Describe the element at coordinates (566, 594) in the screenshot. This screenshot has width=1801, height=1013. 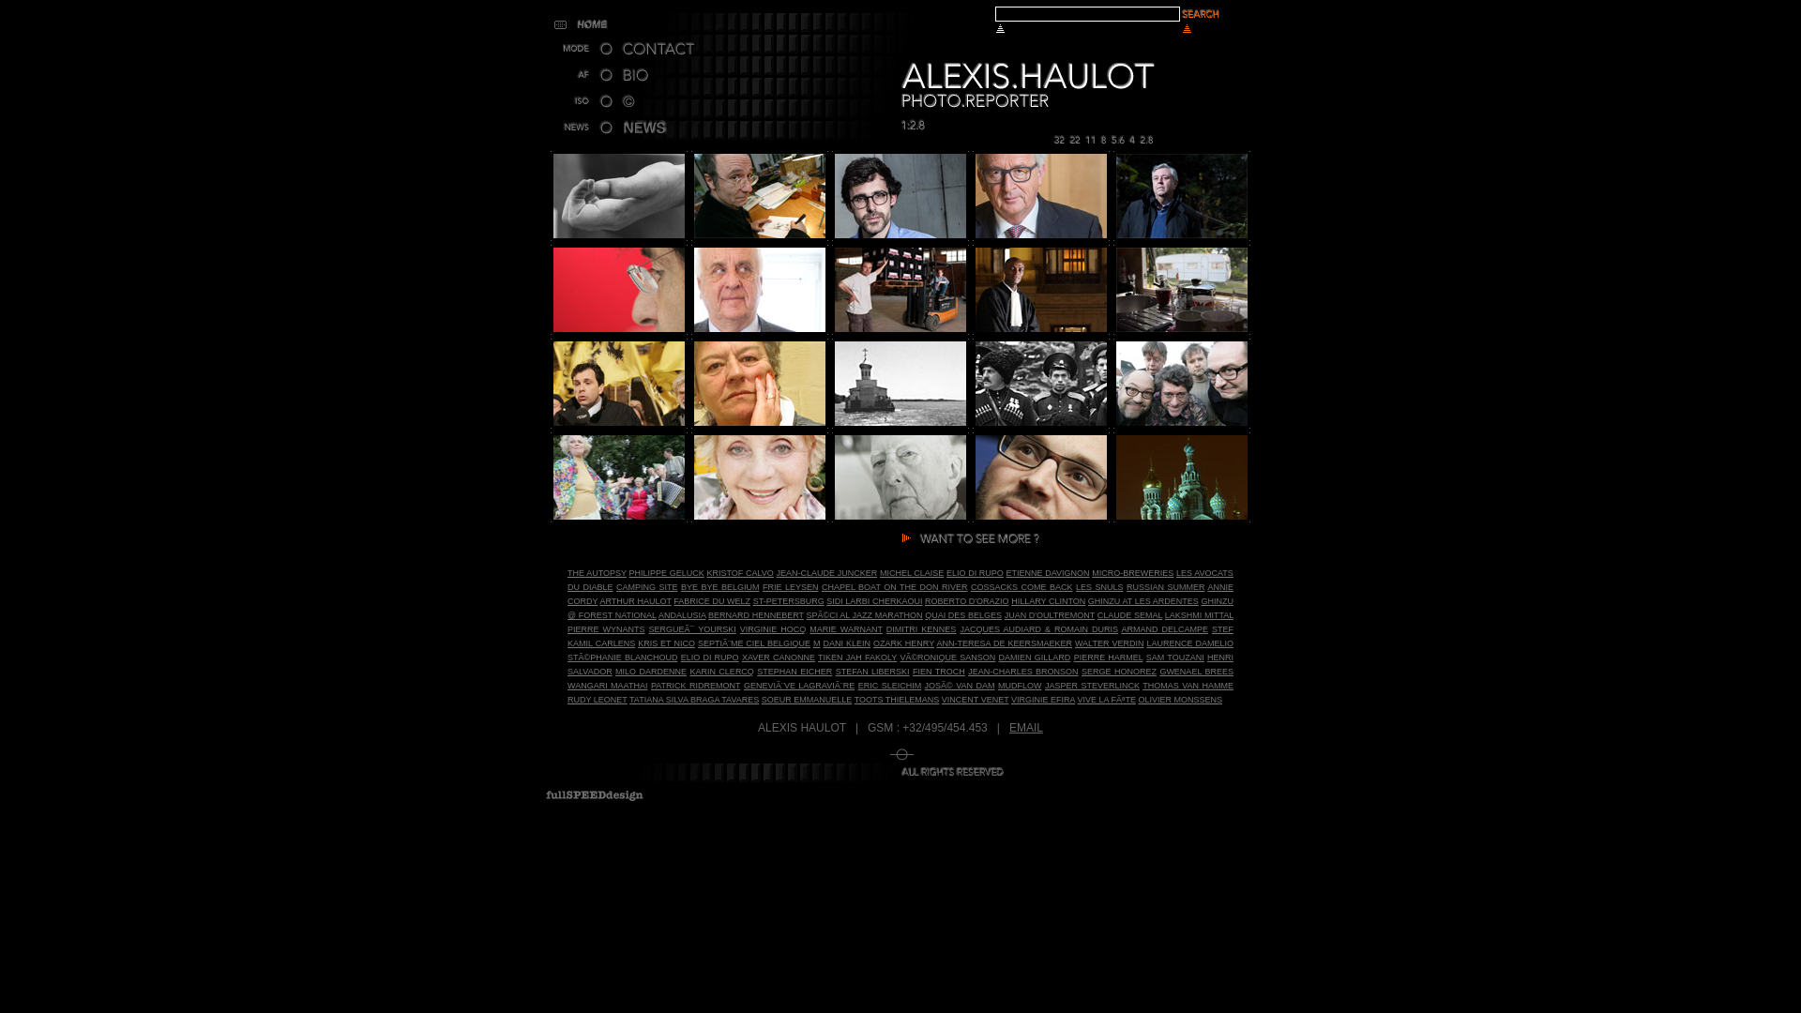
I see `'ANNIE CORDY'` at that location.